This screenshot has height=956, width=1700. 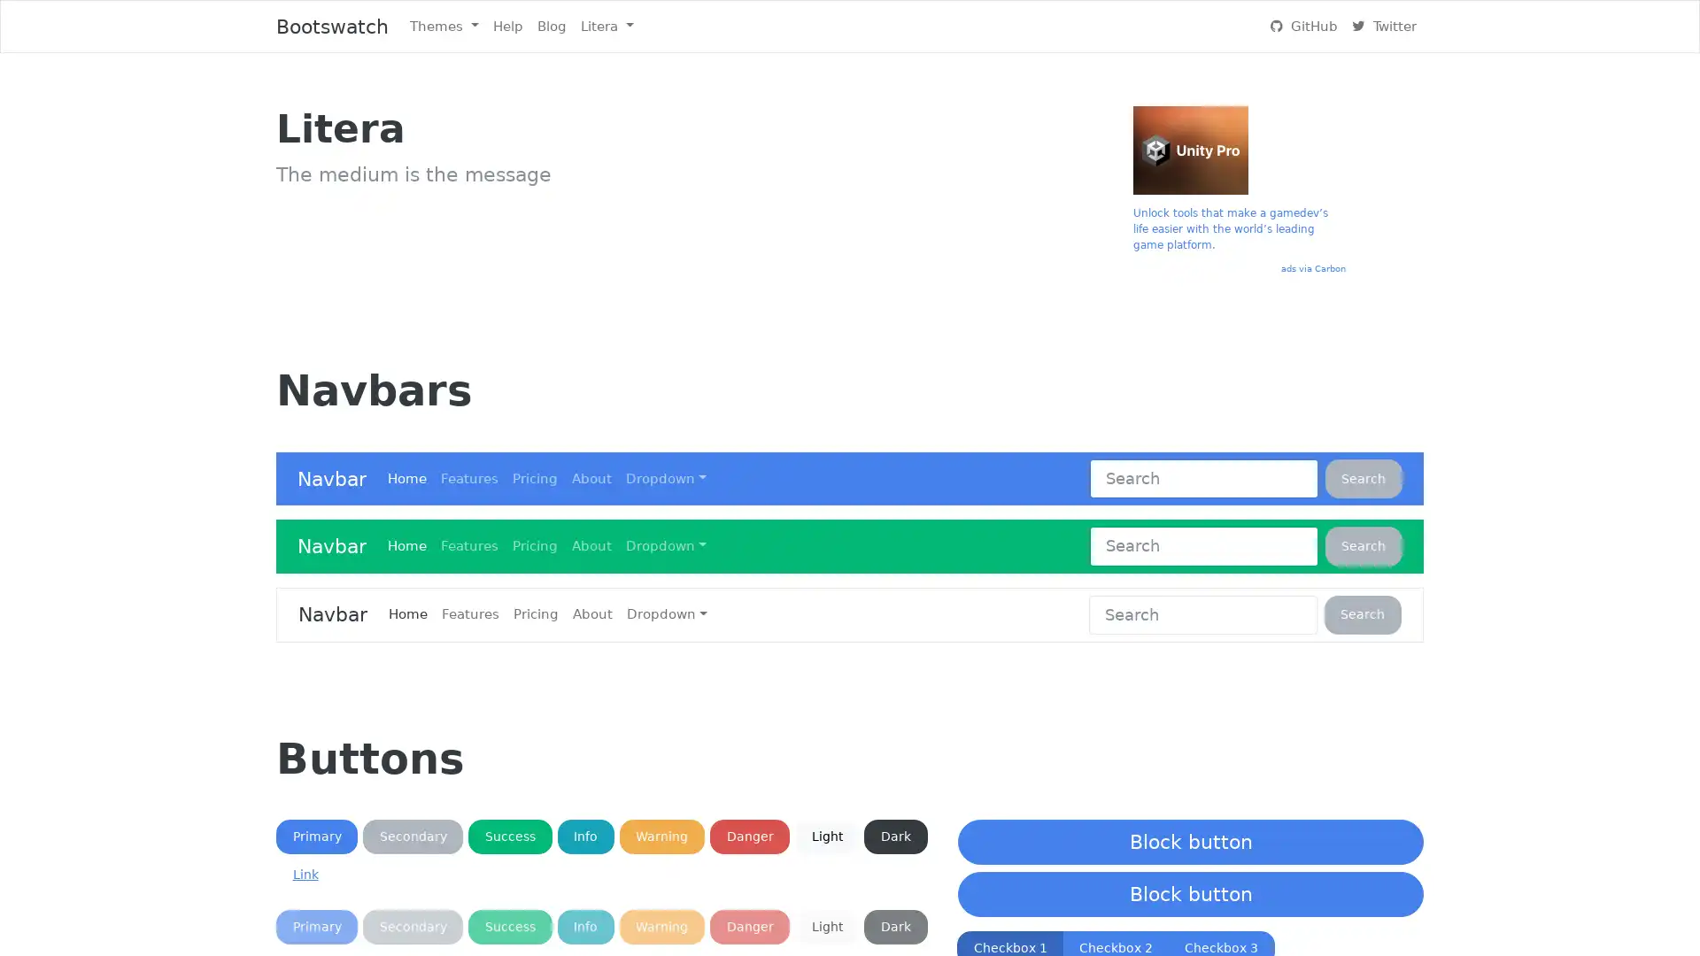 What do you see at coordinates (1190, 894) in the screenshot?
I see `Block button` at bounding box center [1190, 894].